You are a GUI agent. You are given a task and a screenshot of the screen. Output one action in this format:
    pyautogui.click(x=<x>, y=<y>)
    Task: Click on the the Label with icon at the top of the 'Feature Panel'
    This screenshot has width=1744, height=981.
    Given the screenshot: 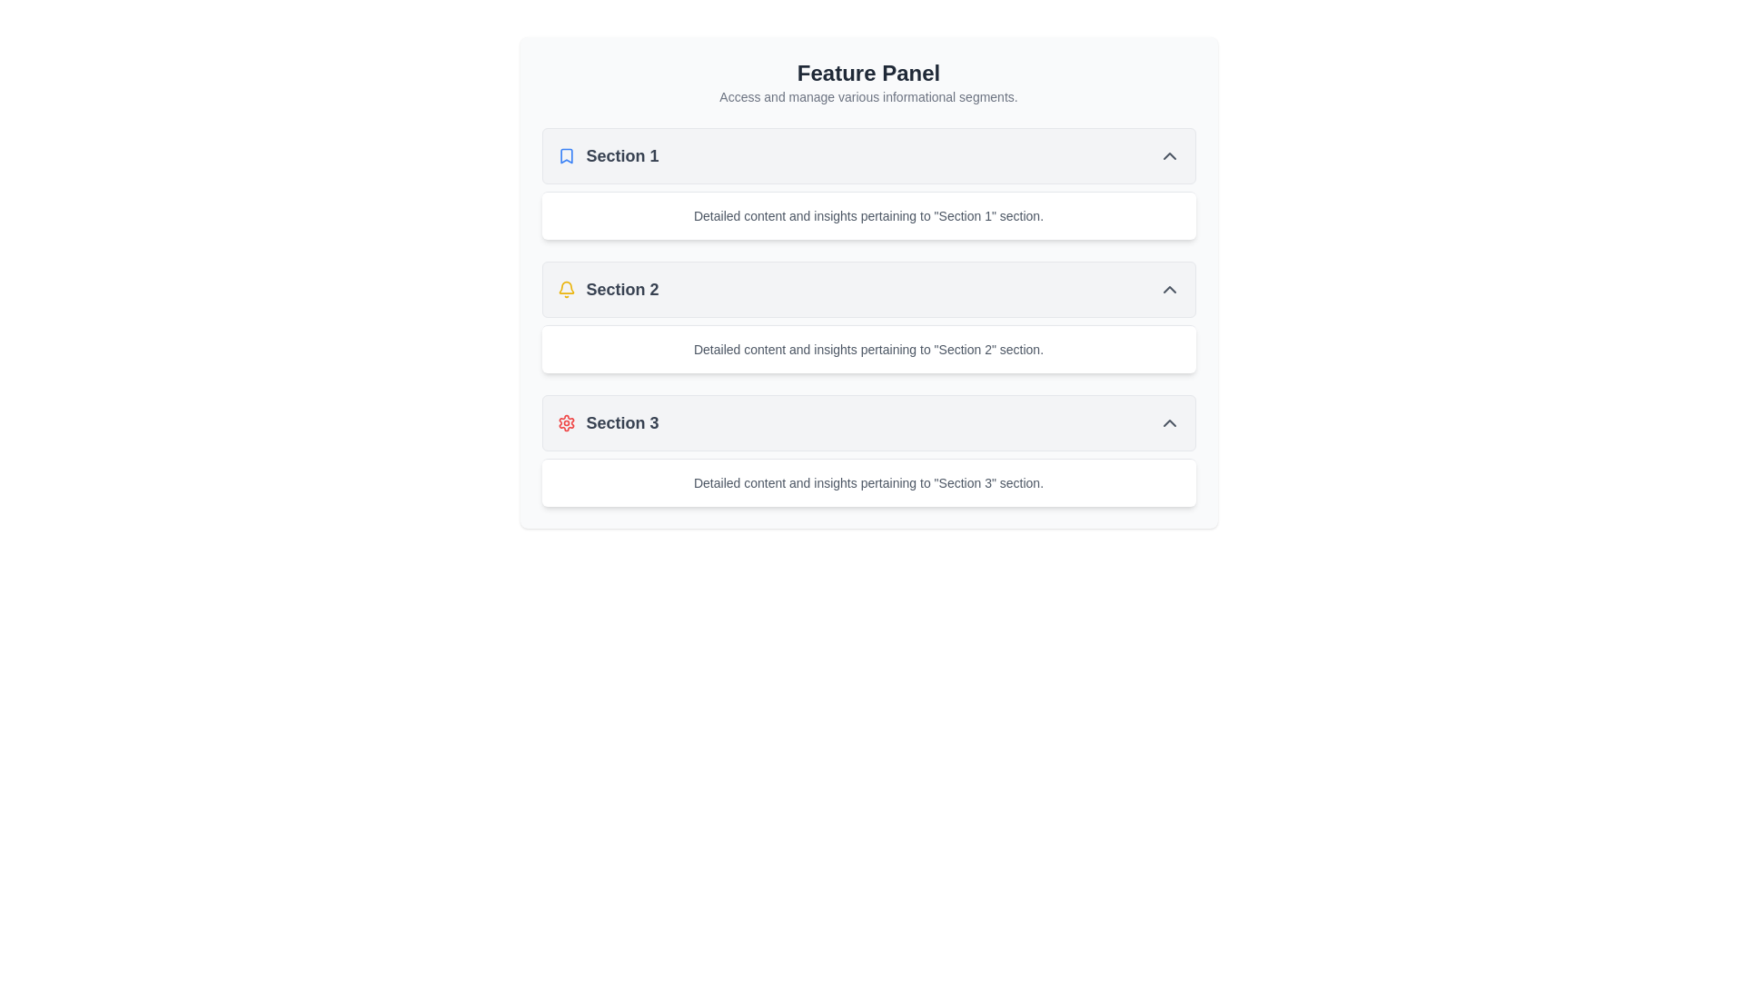 What is the action you would take?
    pyautogui.click(x=608, y=155)
    